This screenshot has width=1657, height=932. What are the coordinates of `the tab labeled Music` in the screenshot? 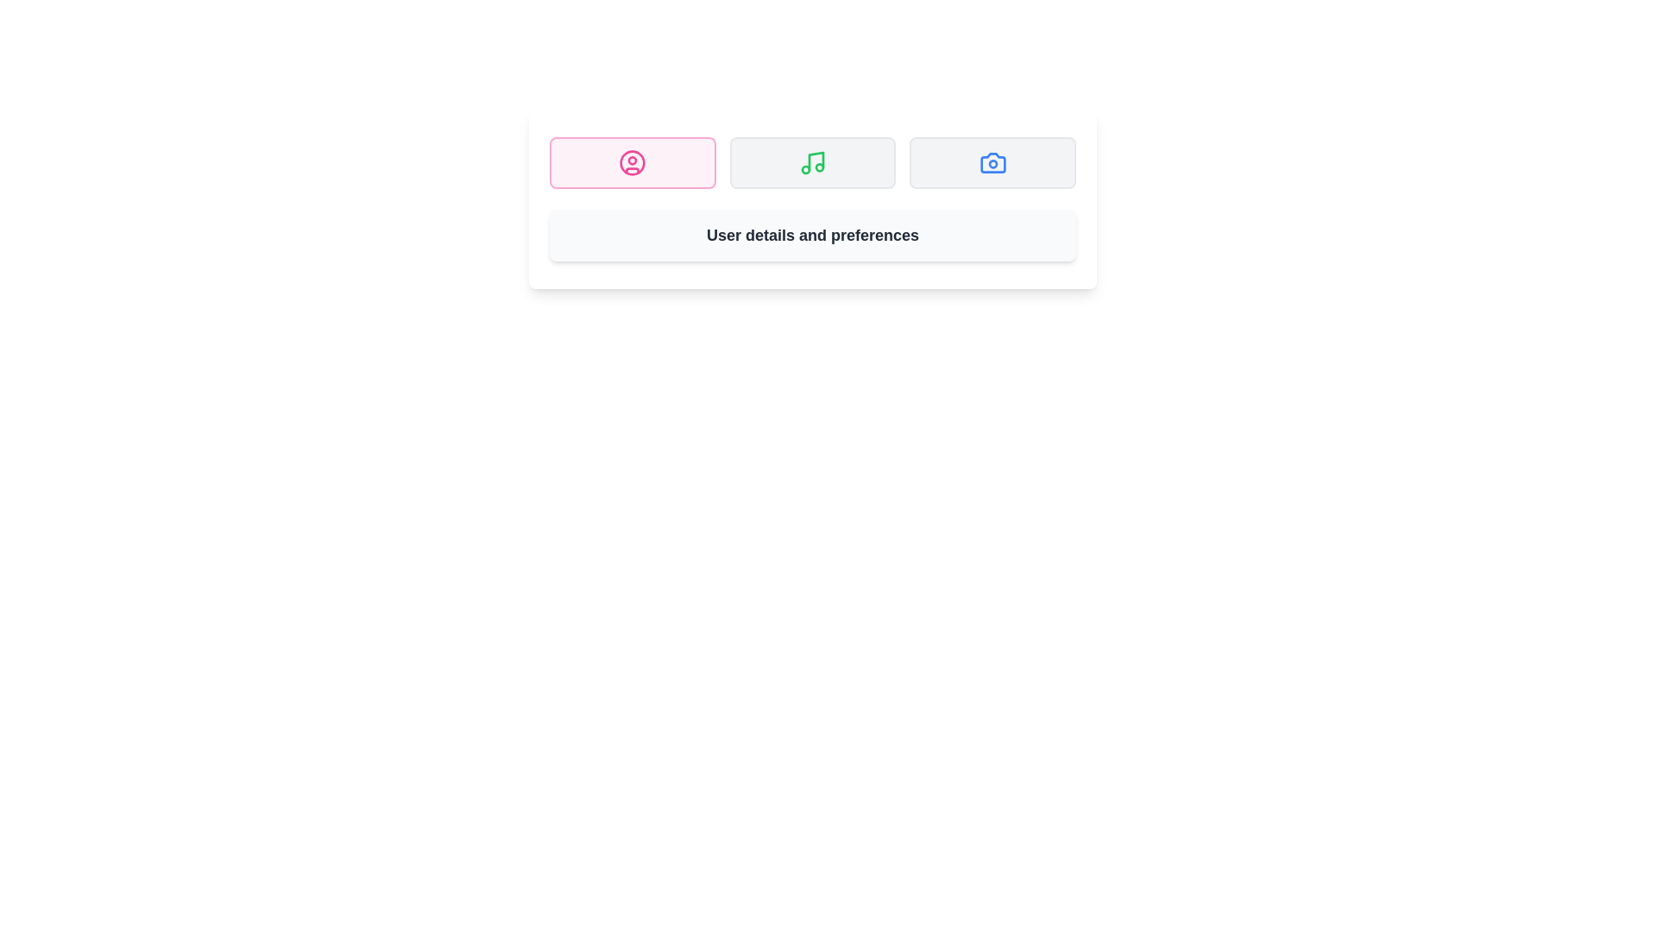 It's located at (810, 163).